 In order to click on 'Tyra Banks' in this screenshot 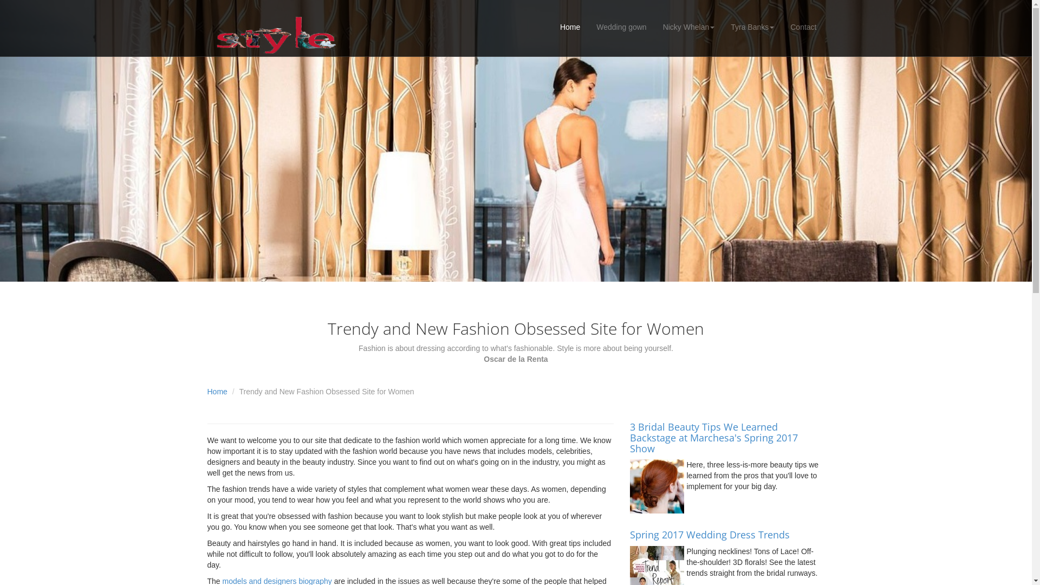, I will do `click(751, 27)`.